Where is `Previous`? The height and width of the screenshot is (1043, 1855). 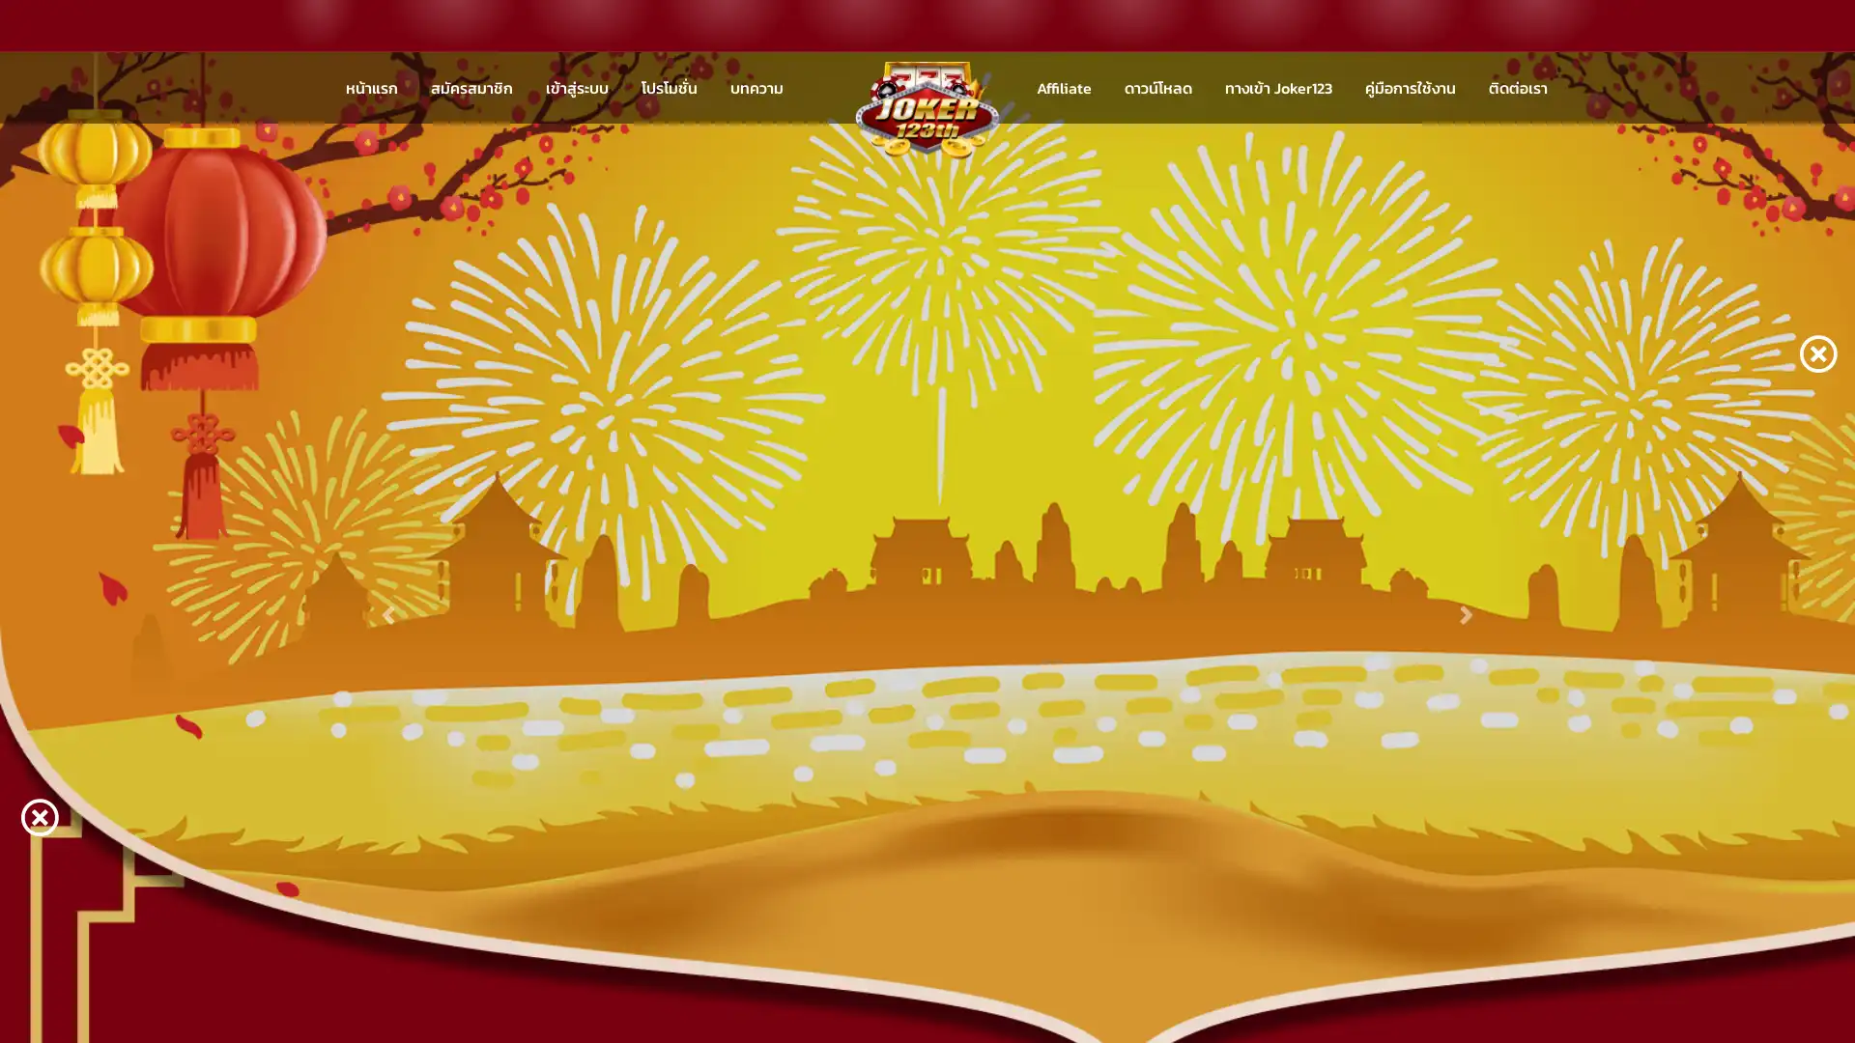
Previous is located at coordinates (386, 535).